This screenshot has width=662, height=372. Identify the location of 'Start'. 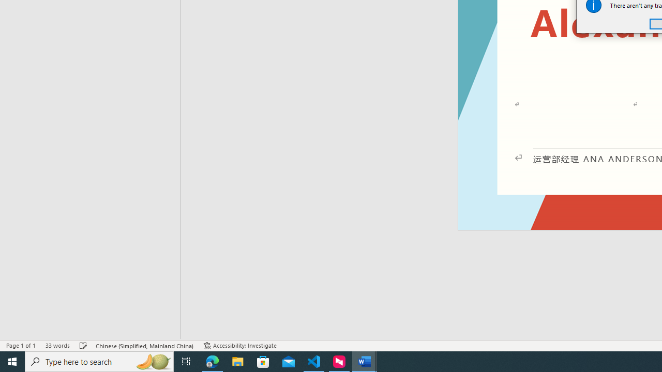
(12, 361).